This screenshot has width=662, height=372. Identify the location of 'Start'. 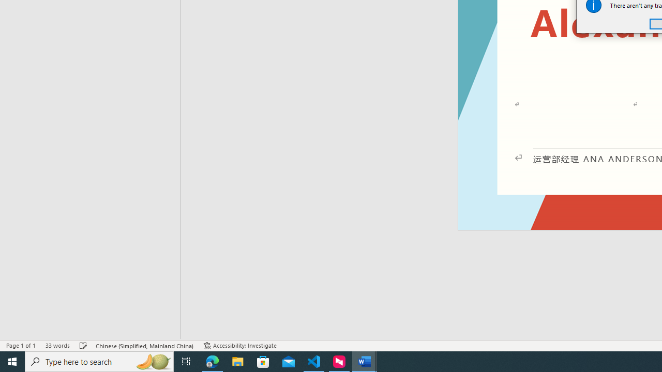
(12, 361).